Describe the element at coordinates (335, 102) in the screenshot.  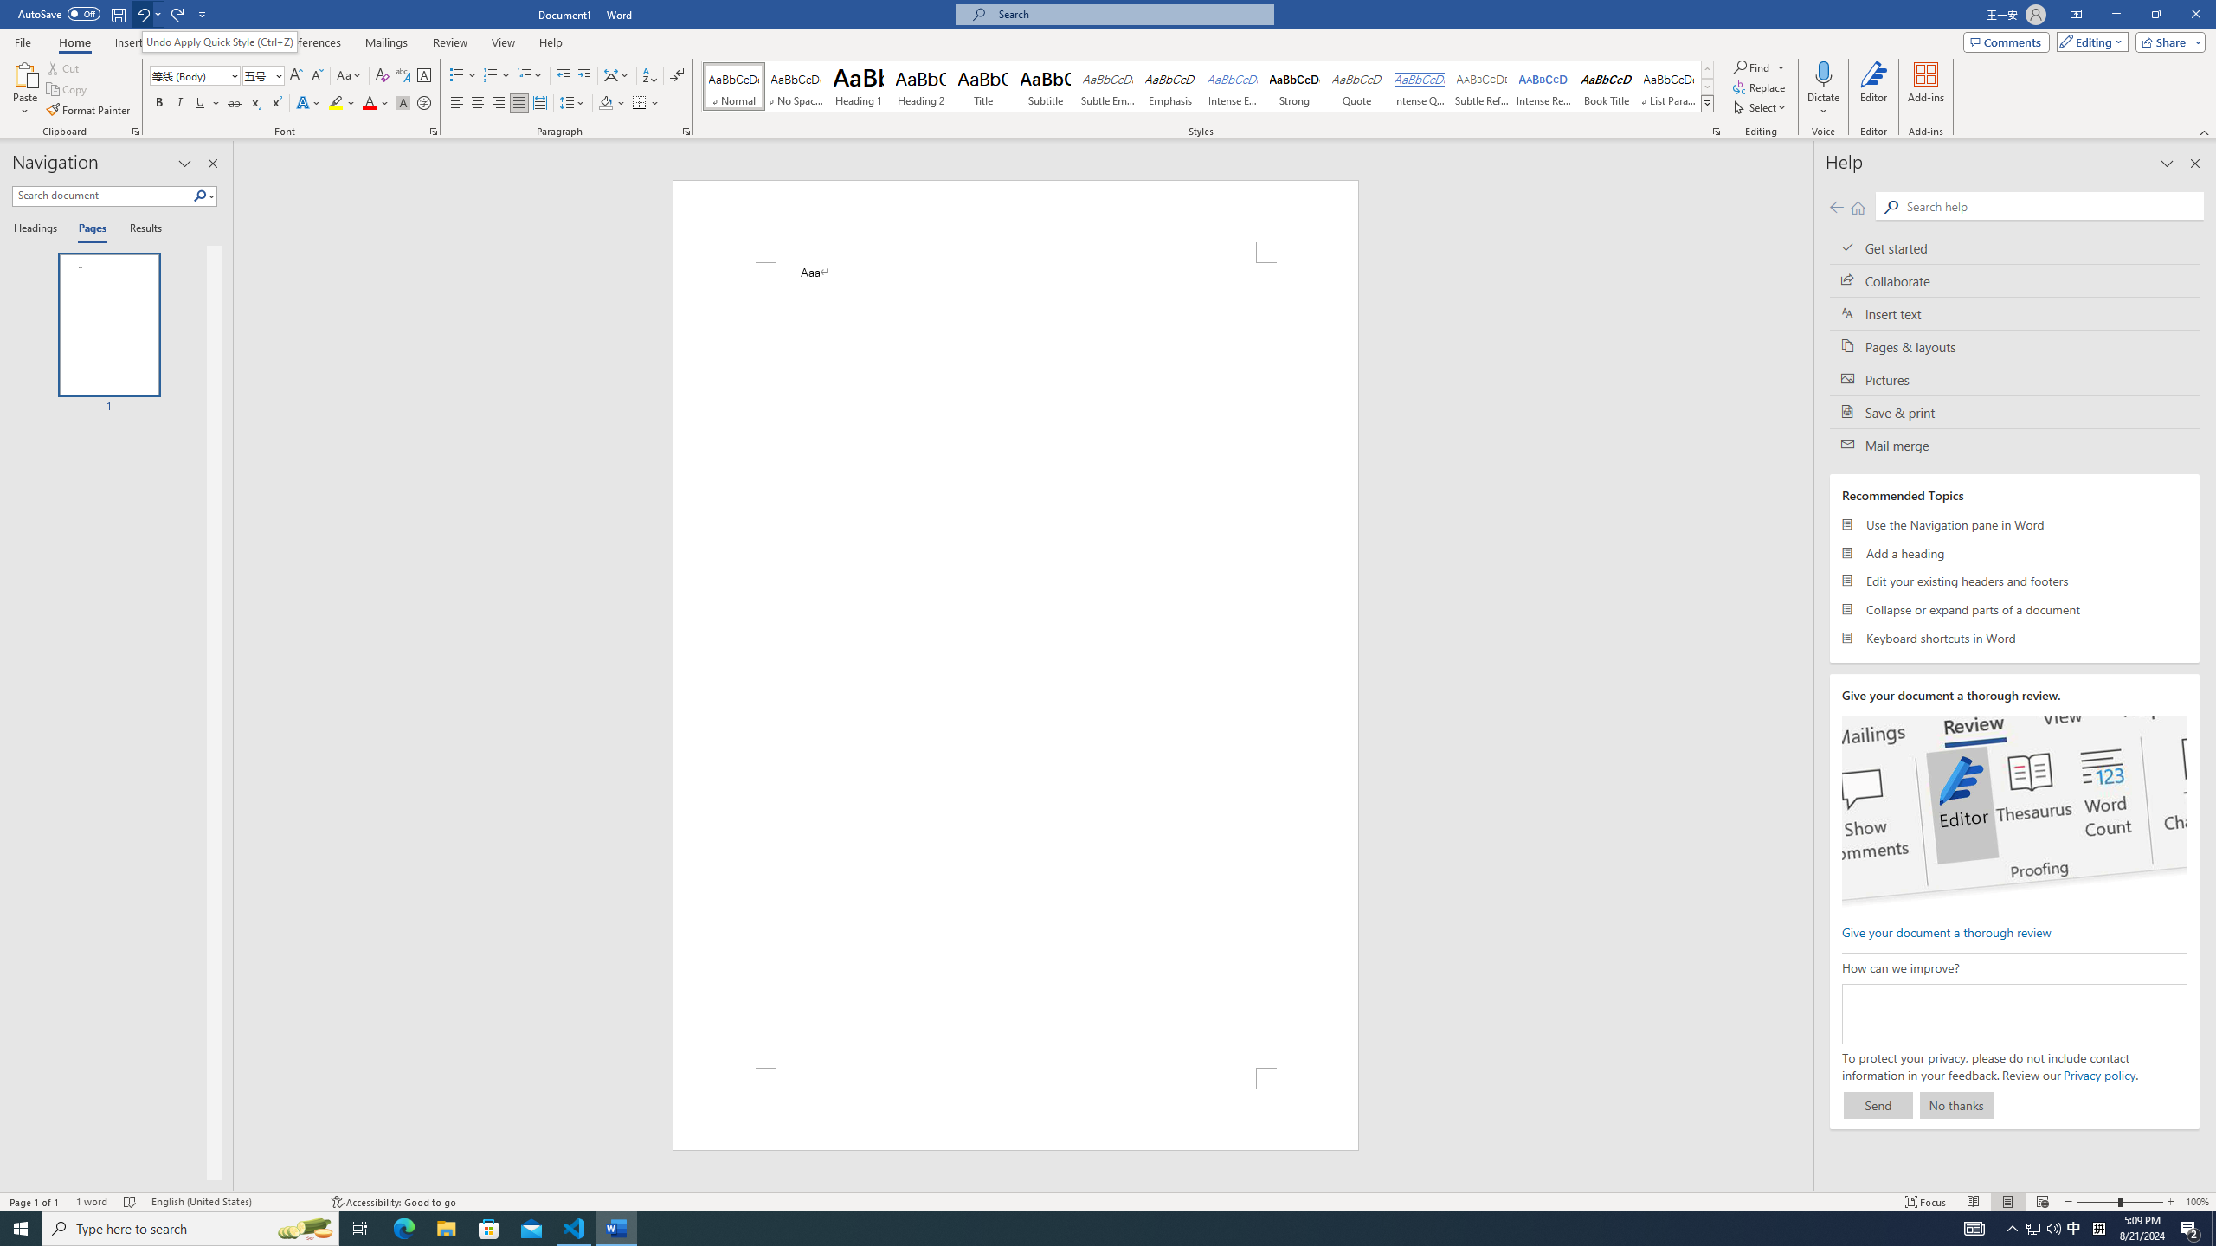
I see `'Text Highlight Color Yellow'` at that location.